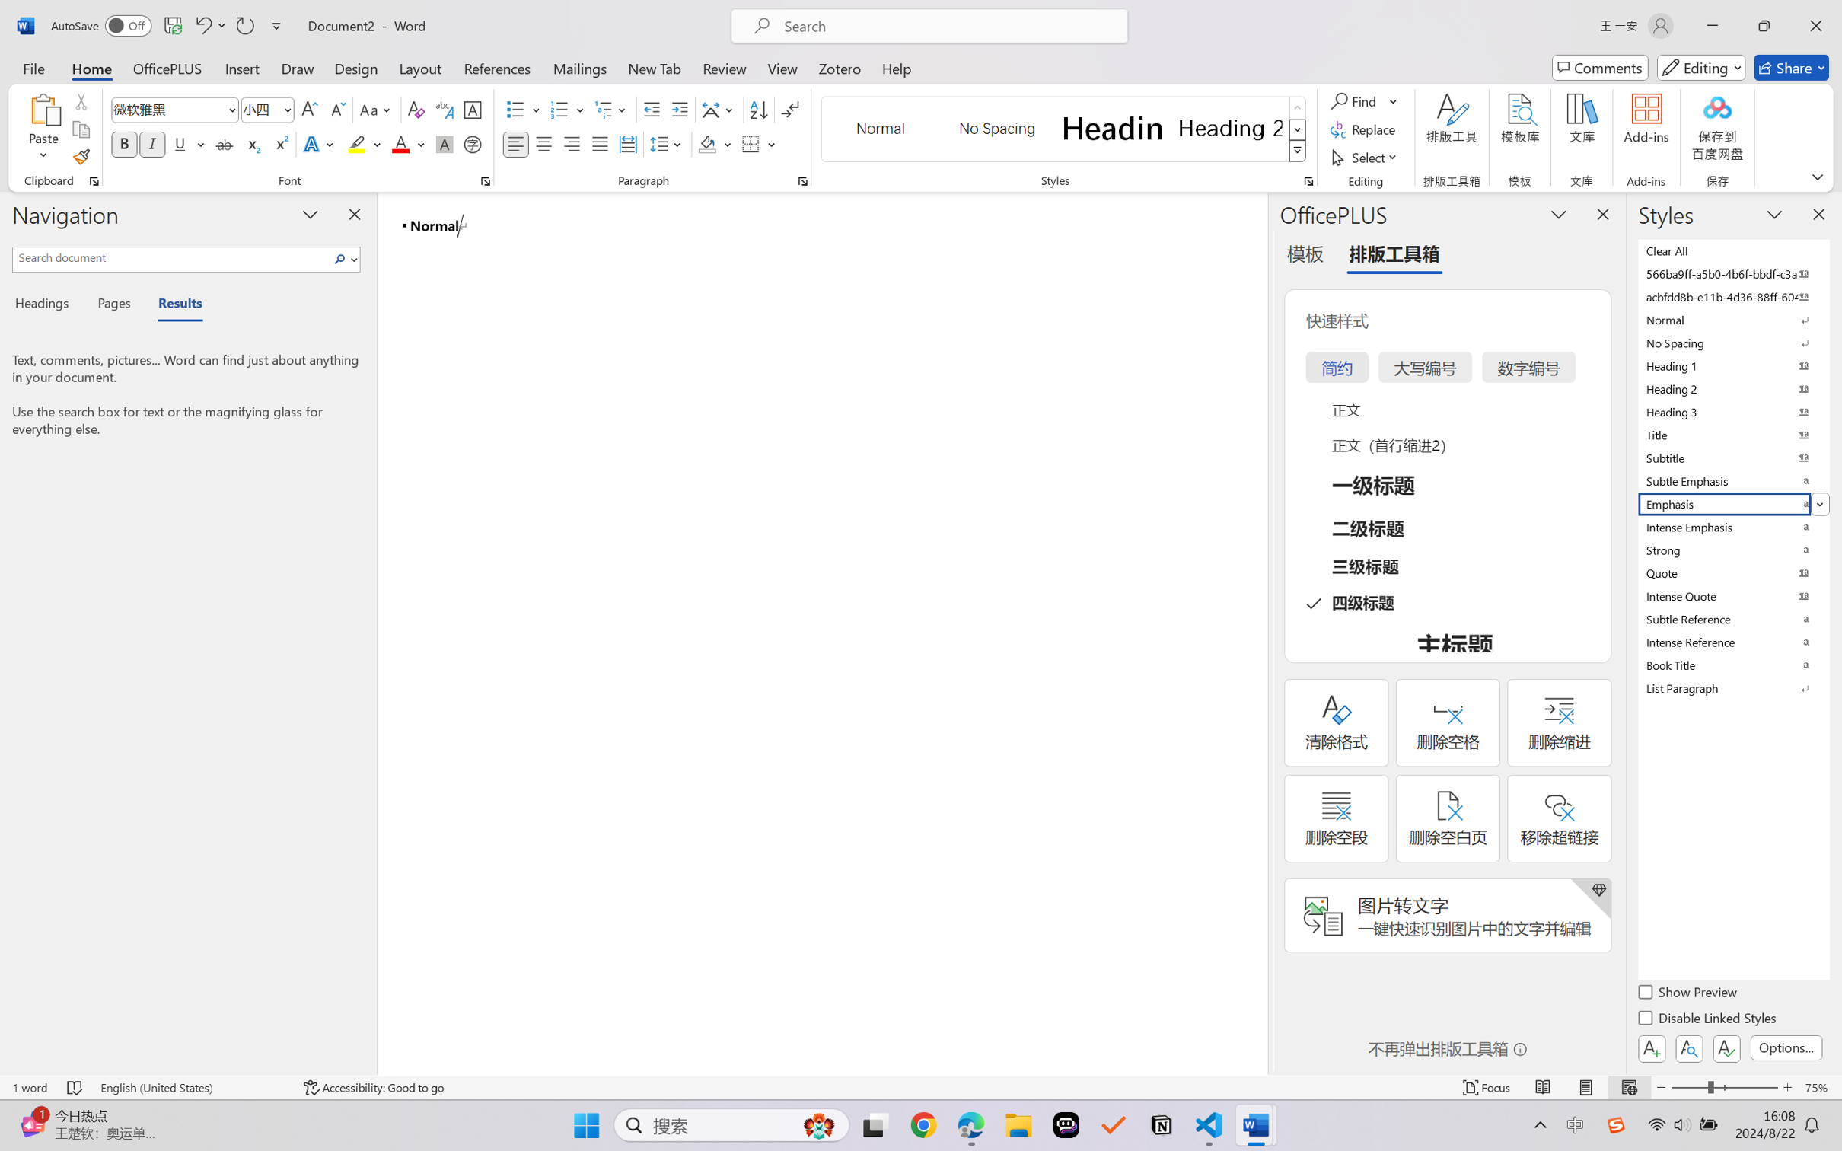 This screenshot has width=1842, height=1151. Describe the element at coordinates (28, 1087) in the screenshot. I see `'Word Count 1 word'` at that location.